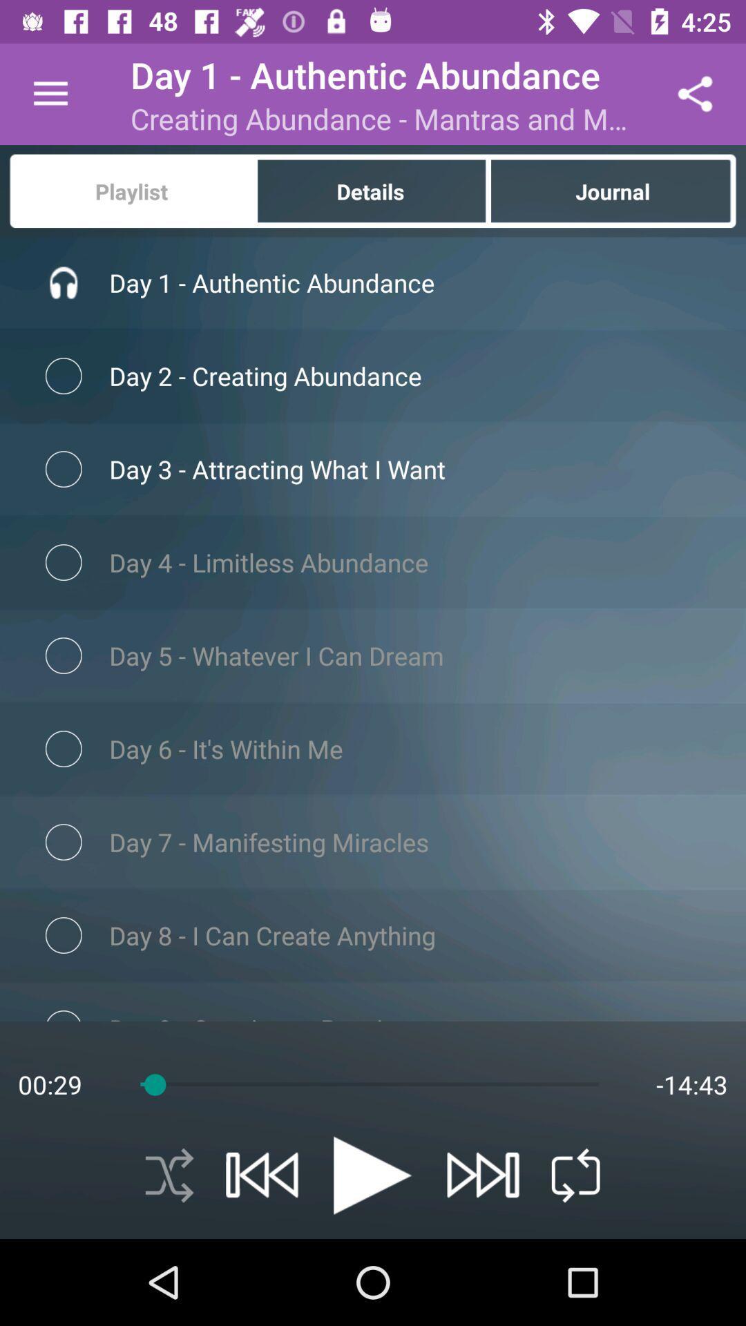 The height and width of the screenshot is (1326, 746). I want to click on the skip_next icon, so click(482, 1174).